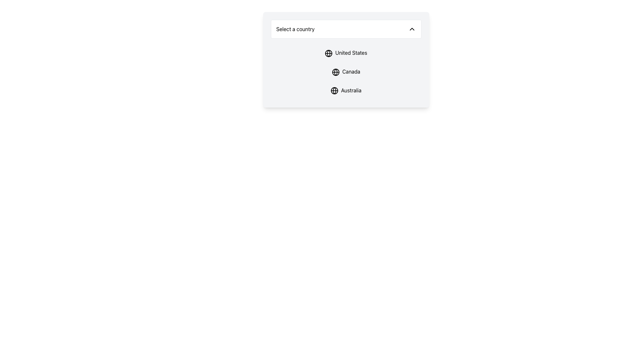 The width and height of the screenshot is (623, 350). What do you see at coordinates (346, 90) in the screenshot?
I see `the label reading 'Australia' within the dropdown list` at bounding box center [346, 90].